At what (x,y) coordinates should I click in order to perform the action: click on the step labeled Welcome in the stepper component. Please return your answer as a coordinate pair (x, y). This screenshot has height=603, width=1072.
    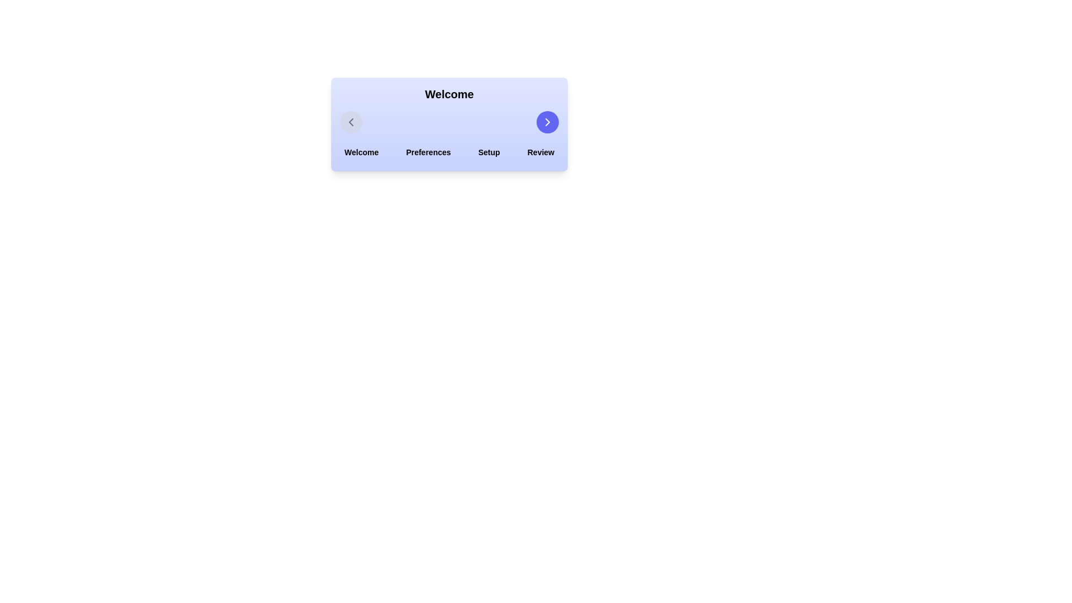
    Looking at the image, I should click on (361, 152).